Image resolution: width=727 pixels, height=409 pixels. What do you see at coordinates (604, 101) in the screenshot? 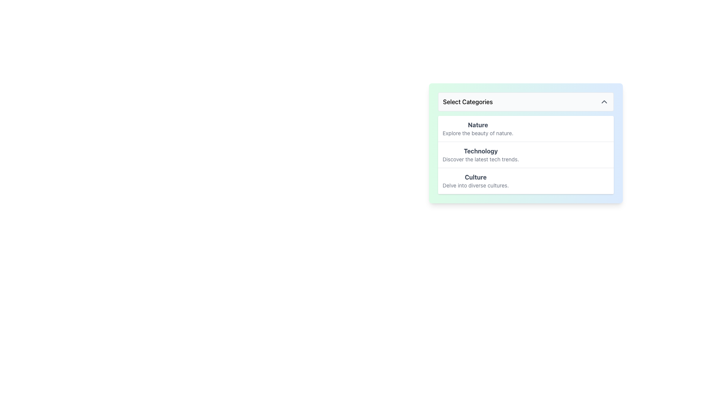
I see `the small, upward-pointing gray chevron icon located at the far-right side of the 'Select Categories' header` at bounding box center [604, 101].